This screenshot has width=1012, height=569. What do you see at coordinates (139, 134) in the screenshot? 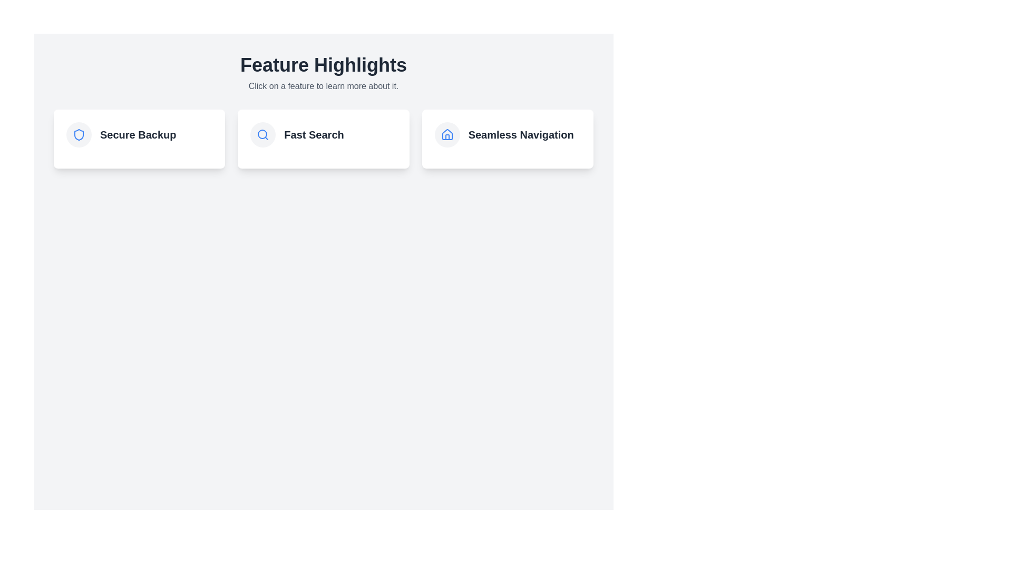
I see `the first card in the series of three under 'Feature Highlights' that contains a blue shield icon and the bold text 'Secure Backup'` at bounding box center [139, 134].